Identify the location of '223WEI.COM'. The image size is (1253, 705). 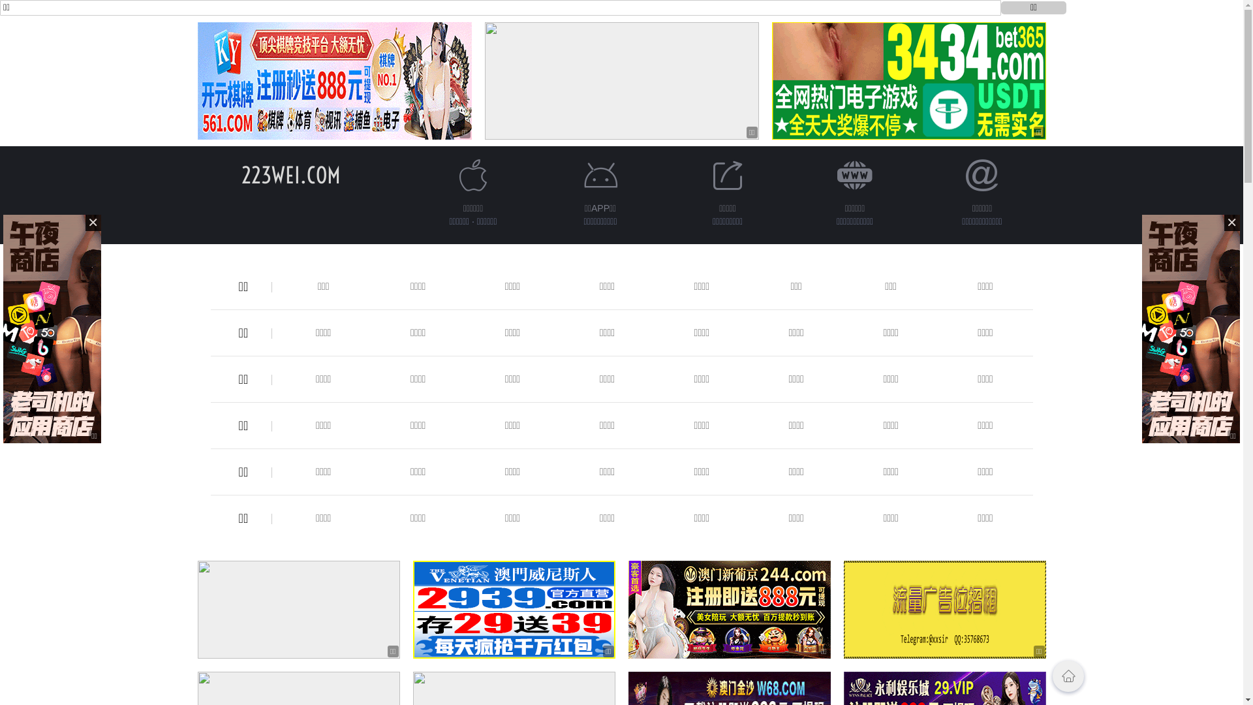
(290, 174).